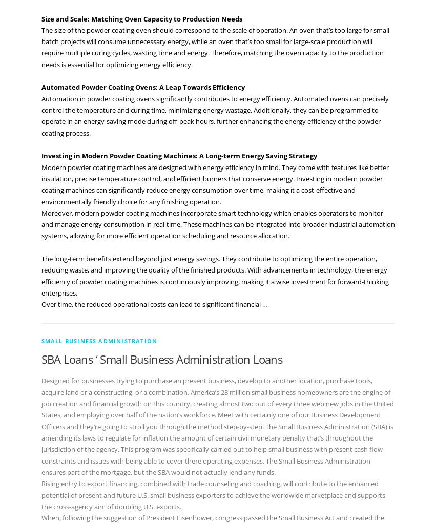  Describe the element at coordinates (40, 183) in the screenshot. I see `'Modern powder coating machines are designed with energy efficiency in mind. They come with features like better insulation, precise temperature control, and efficient burners that conserve energy. Investing in modern powder coating machines can significantly reduce energy consumption over time, making it a cost-effective and environmentally friendly choice for any finishing operation.'` at that location.